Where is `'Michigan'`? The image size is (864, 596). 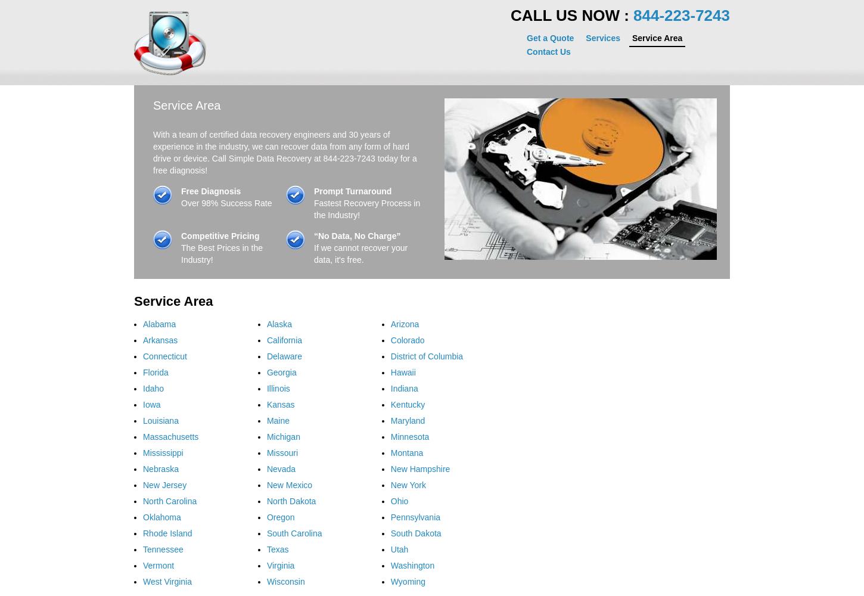 'Michigan' is located at coordinates (282, 436).